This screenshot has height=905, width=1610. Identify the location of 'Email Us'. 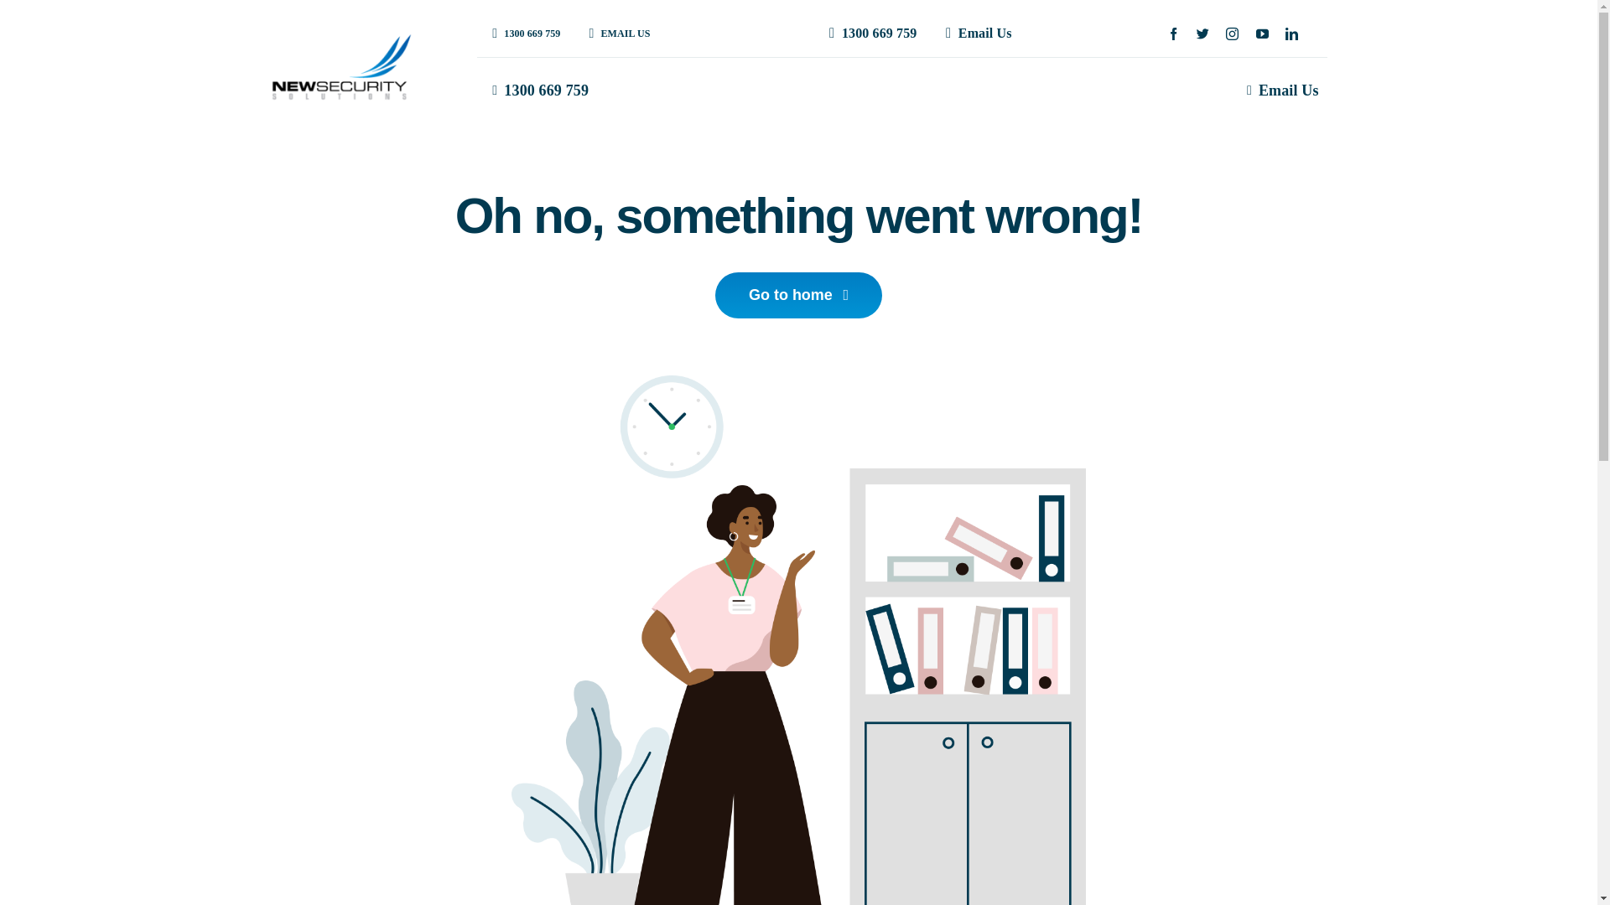
(1279, 90).